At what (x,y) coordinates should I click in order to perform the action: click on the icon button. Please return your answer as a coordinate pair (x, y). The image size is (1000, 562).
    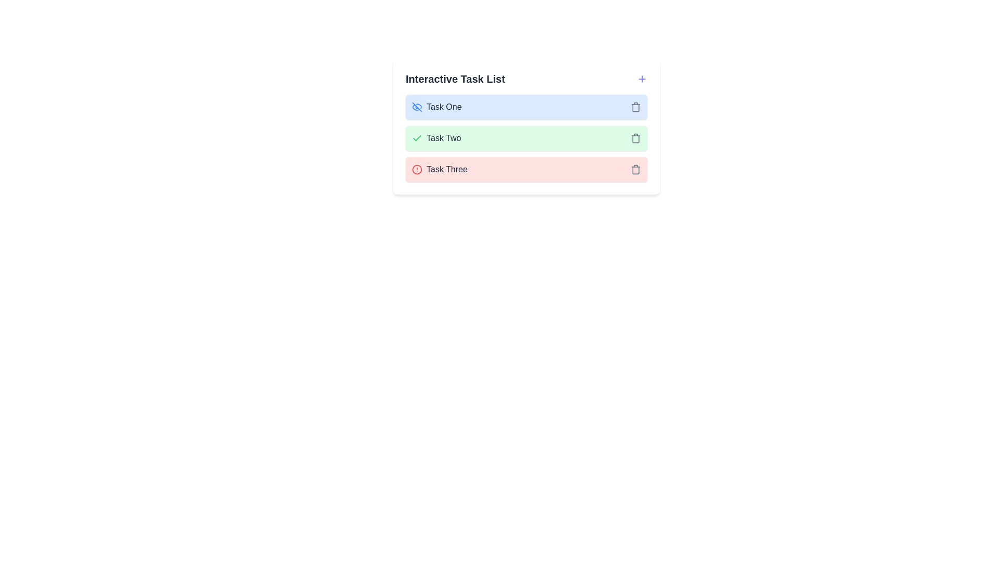
    Looking at the image, I should click on (635, 169).